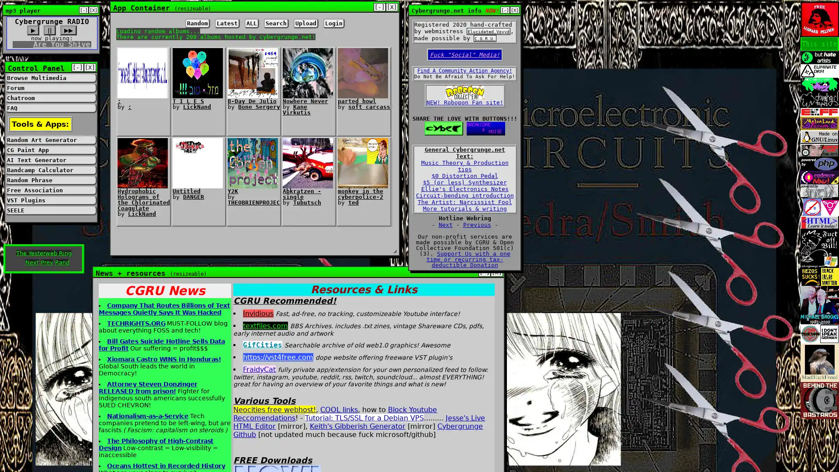 The image size is (839, 472). What do you see at coordinates (50, 210) in the screenshot?
I see `SEELE` at bounding box center [50, 210].